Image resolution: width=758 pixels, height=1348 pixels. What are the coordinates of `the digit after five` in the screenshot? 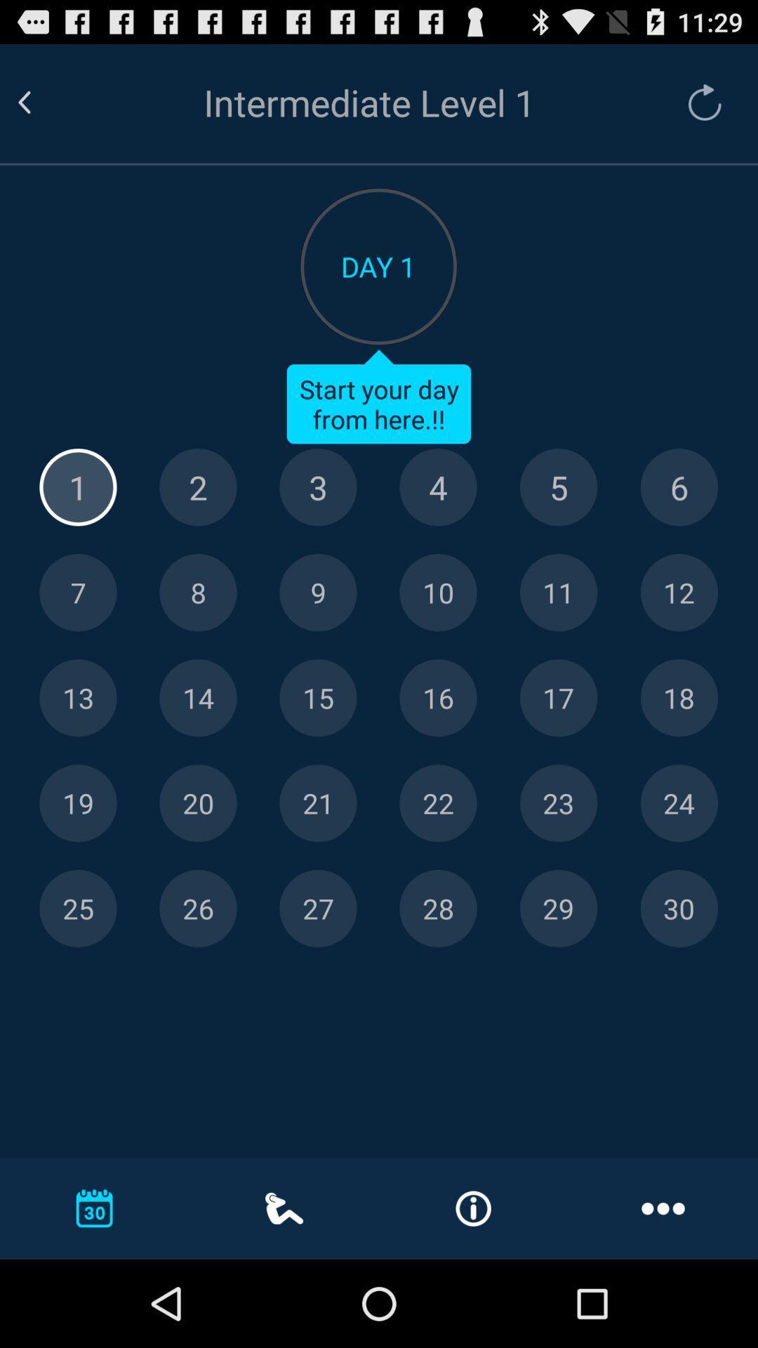 It's located at (679, 487).